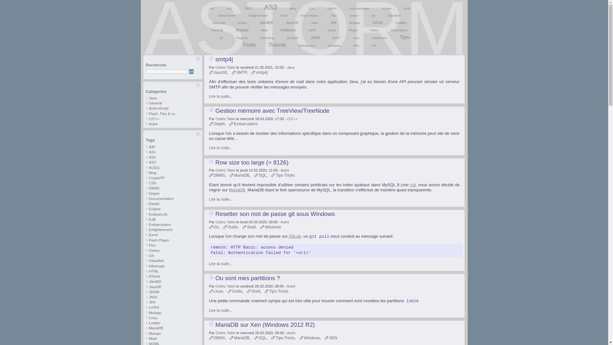 This screenshot has height=345, width=613. What do you see at coordinates (216, 226) in the screenshot?
I see `'Git'` at bounding box center [216, 226].